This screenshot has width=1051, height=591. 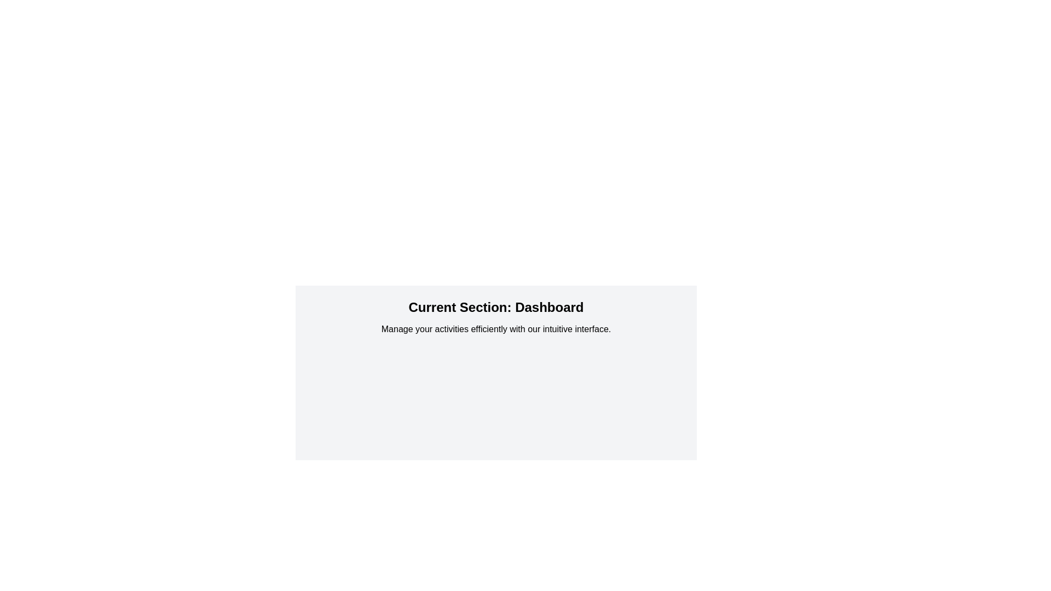 What do you see at coordinates (495, 328) in the screenshot?
I see `the Informational Text element located directly underneath 'Current Section: Dashboard' which provides guidance on managing activities effectively` at bounding box center [495, 328].